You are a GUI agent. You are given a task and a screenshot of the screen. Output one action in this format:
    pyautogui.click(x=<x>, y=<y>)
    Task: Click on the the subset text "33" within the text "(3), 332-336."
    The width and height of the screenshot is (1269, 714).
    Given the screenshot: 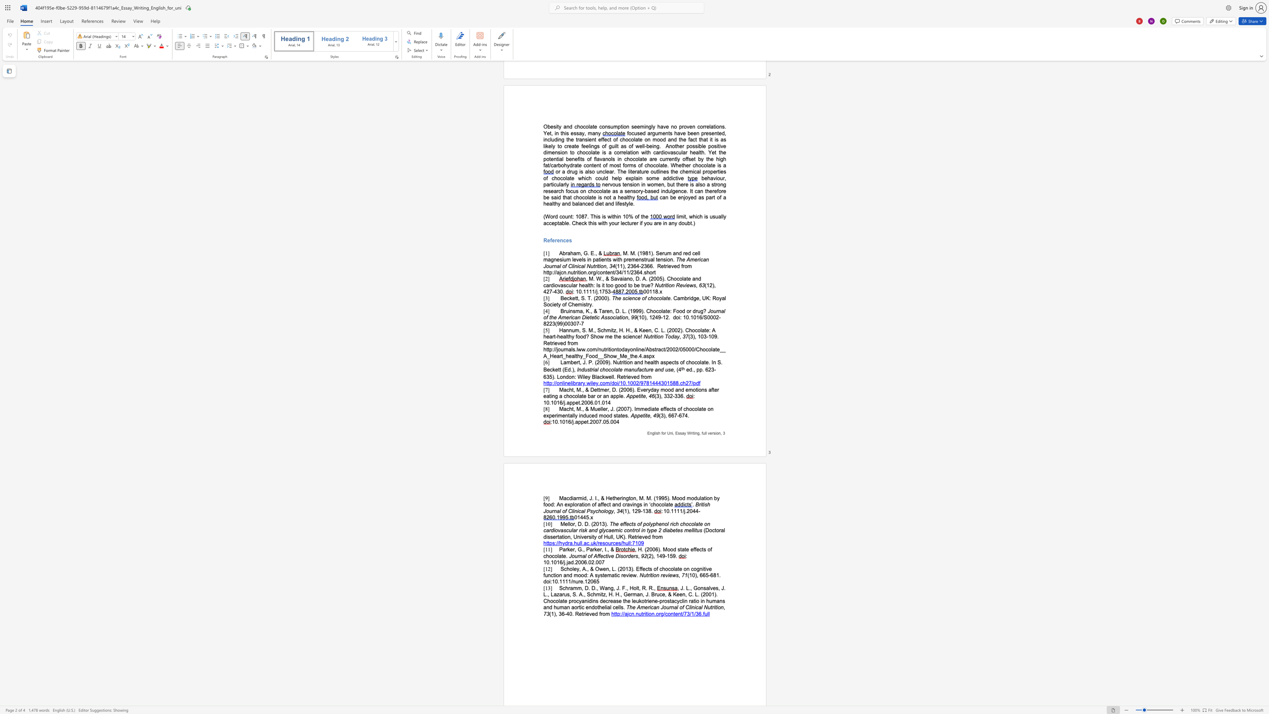 What is the action you would take?
    pyautogui.click(x=674, y=396)
    